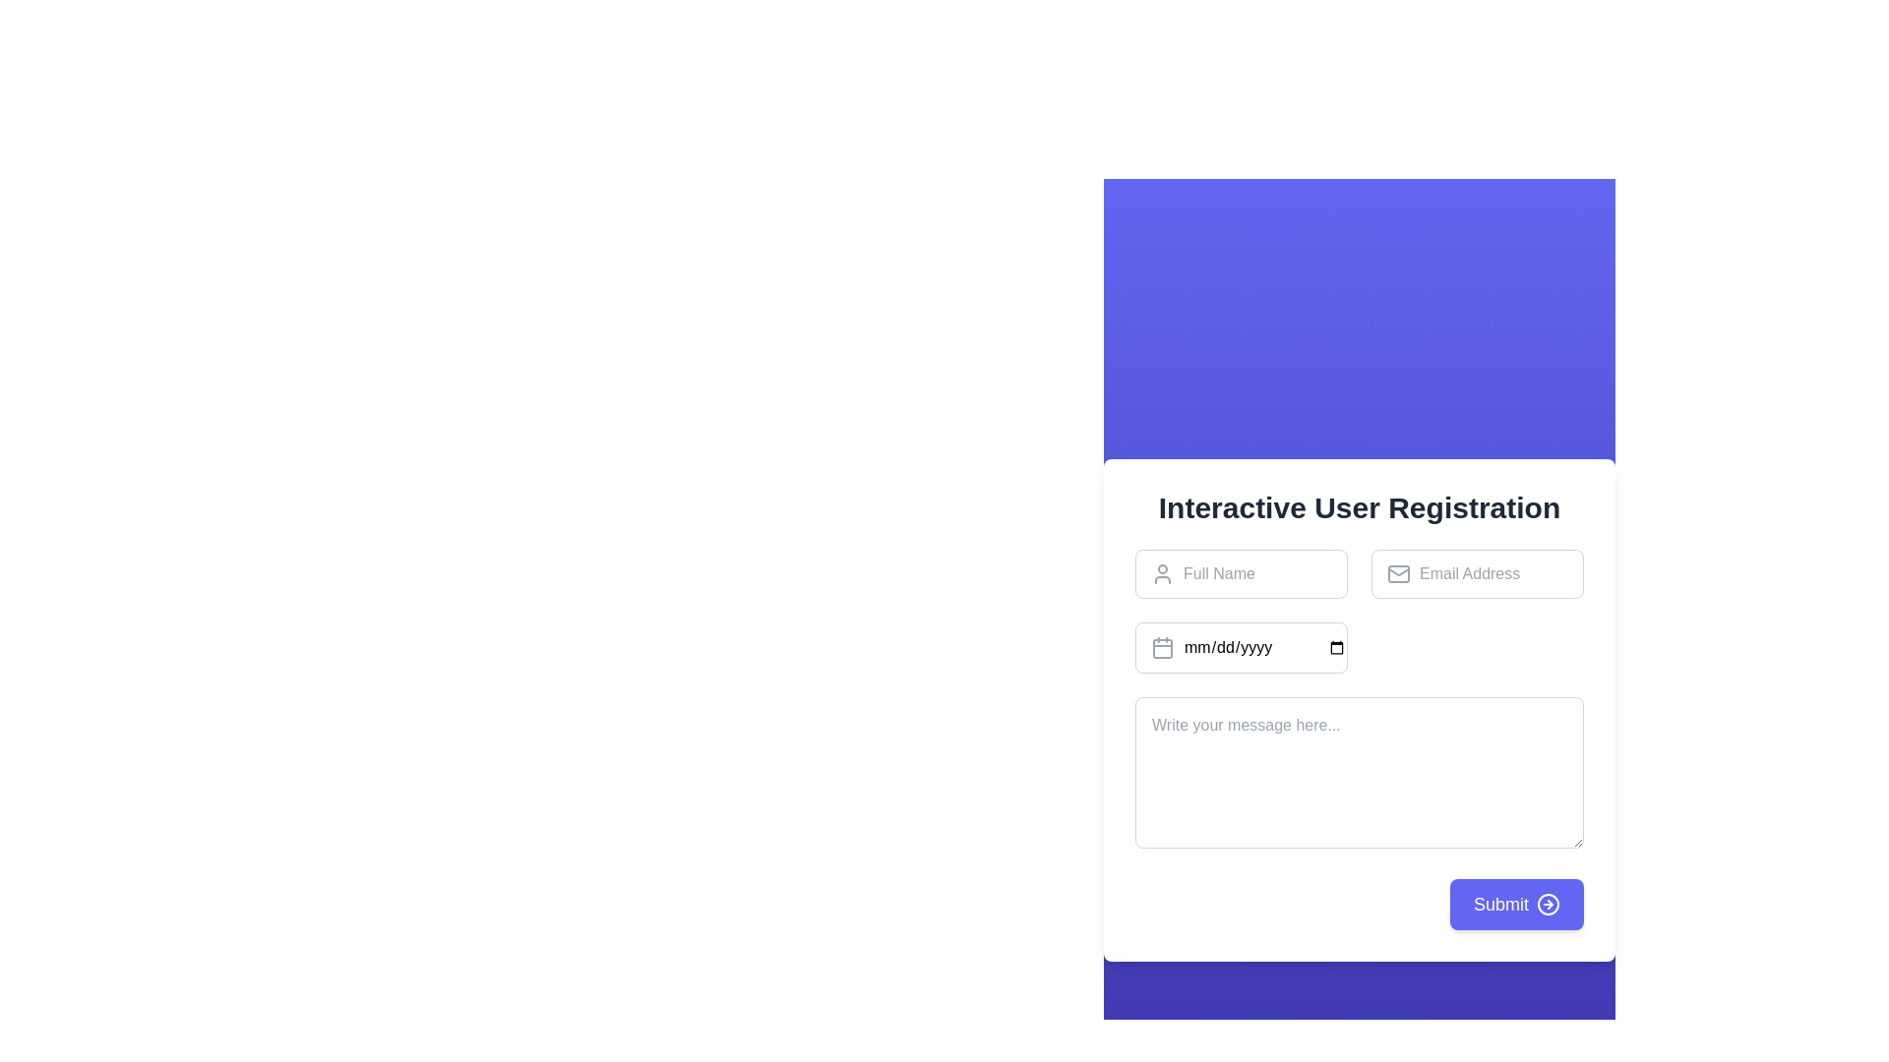  What do you see at coordinates (1241, 647) in the screenshot?
I see `the date` at bounding box center [1241, 647].